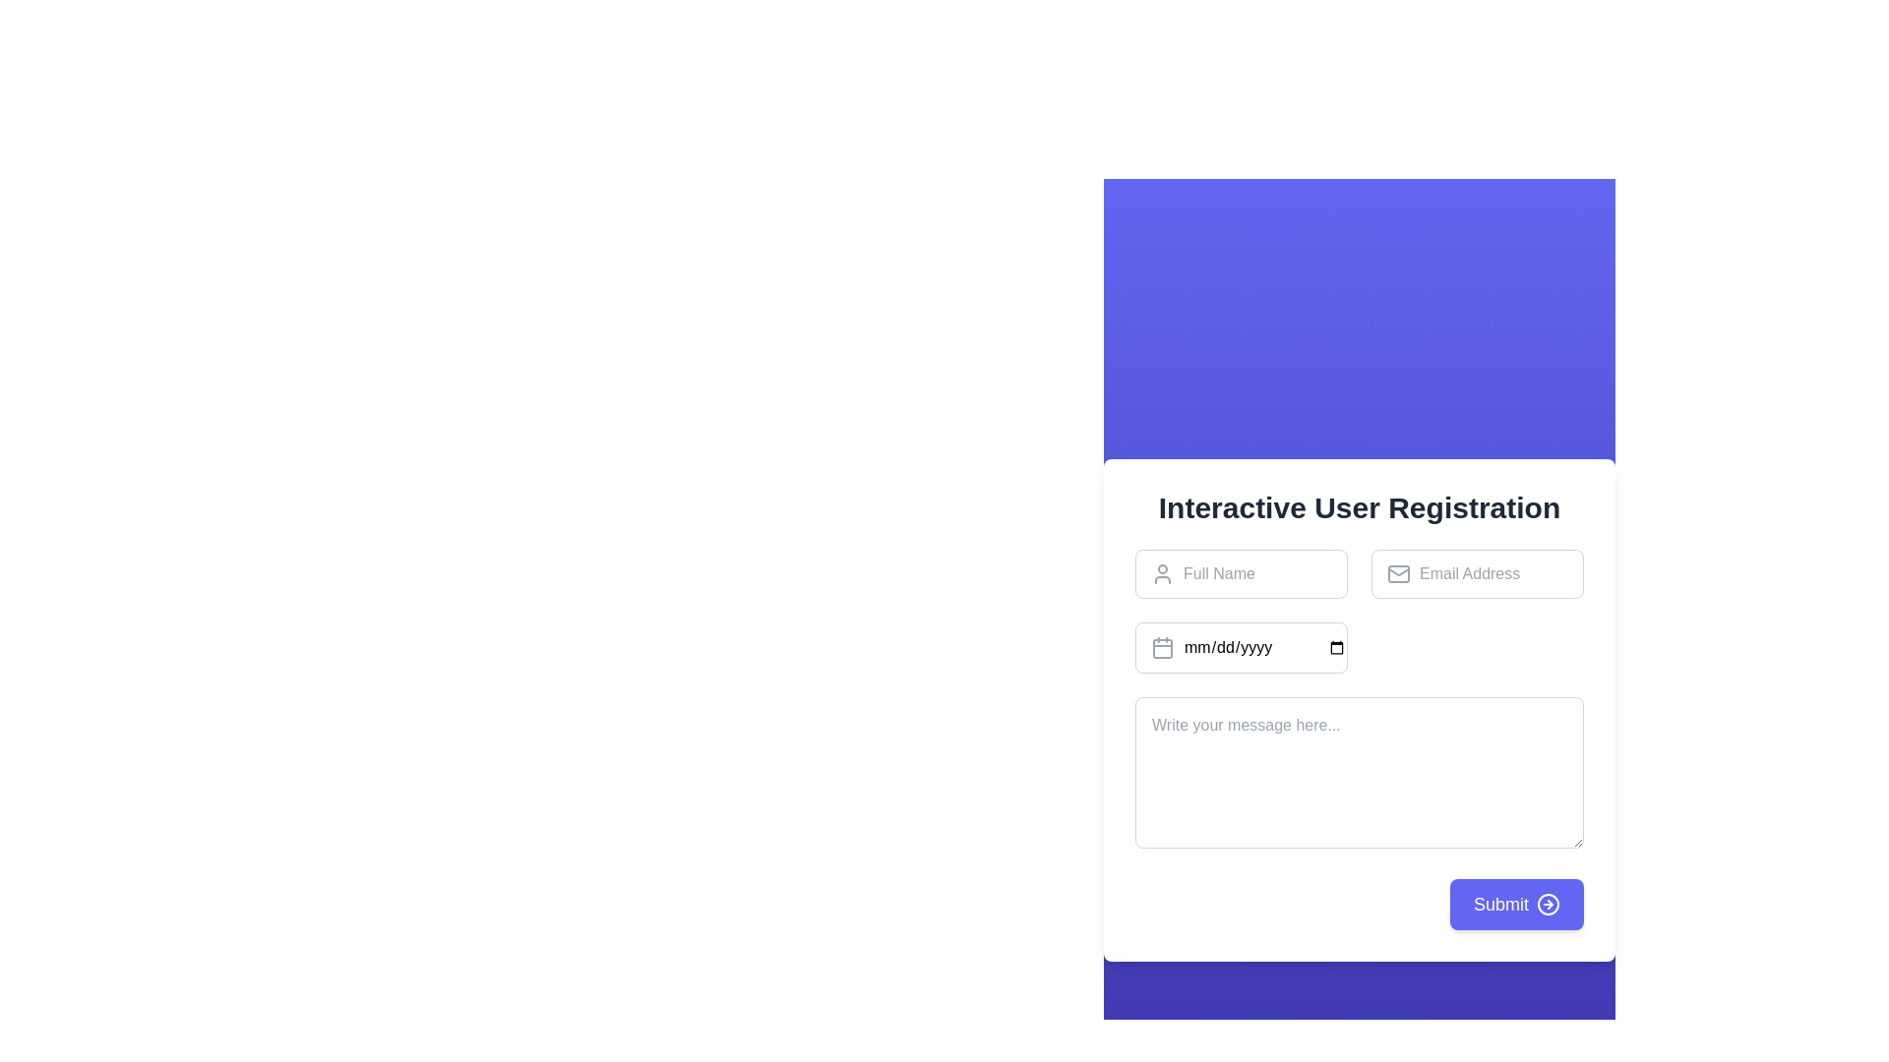  What do you see at coordinates (1241, 647) in the screenshot?
I see `the date` at bounding box center [1241, 647].